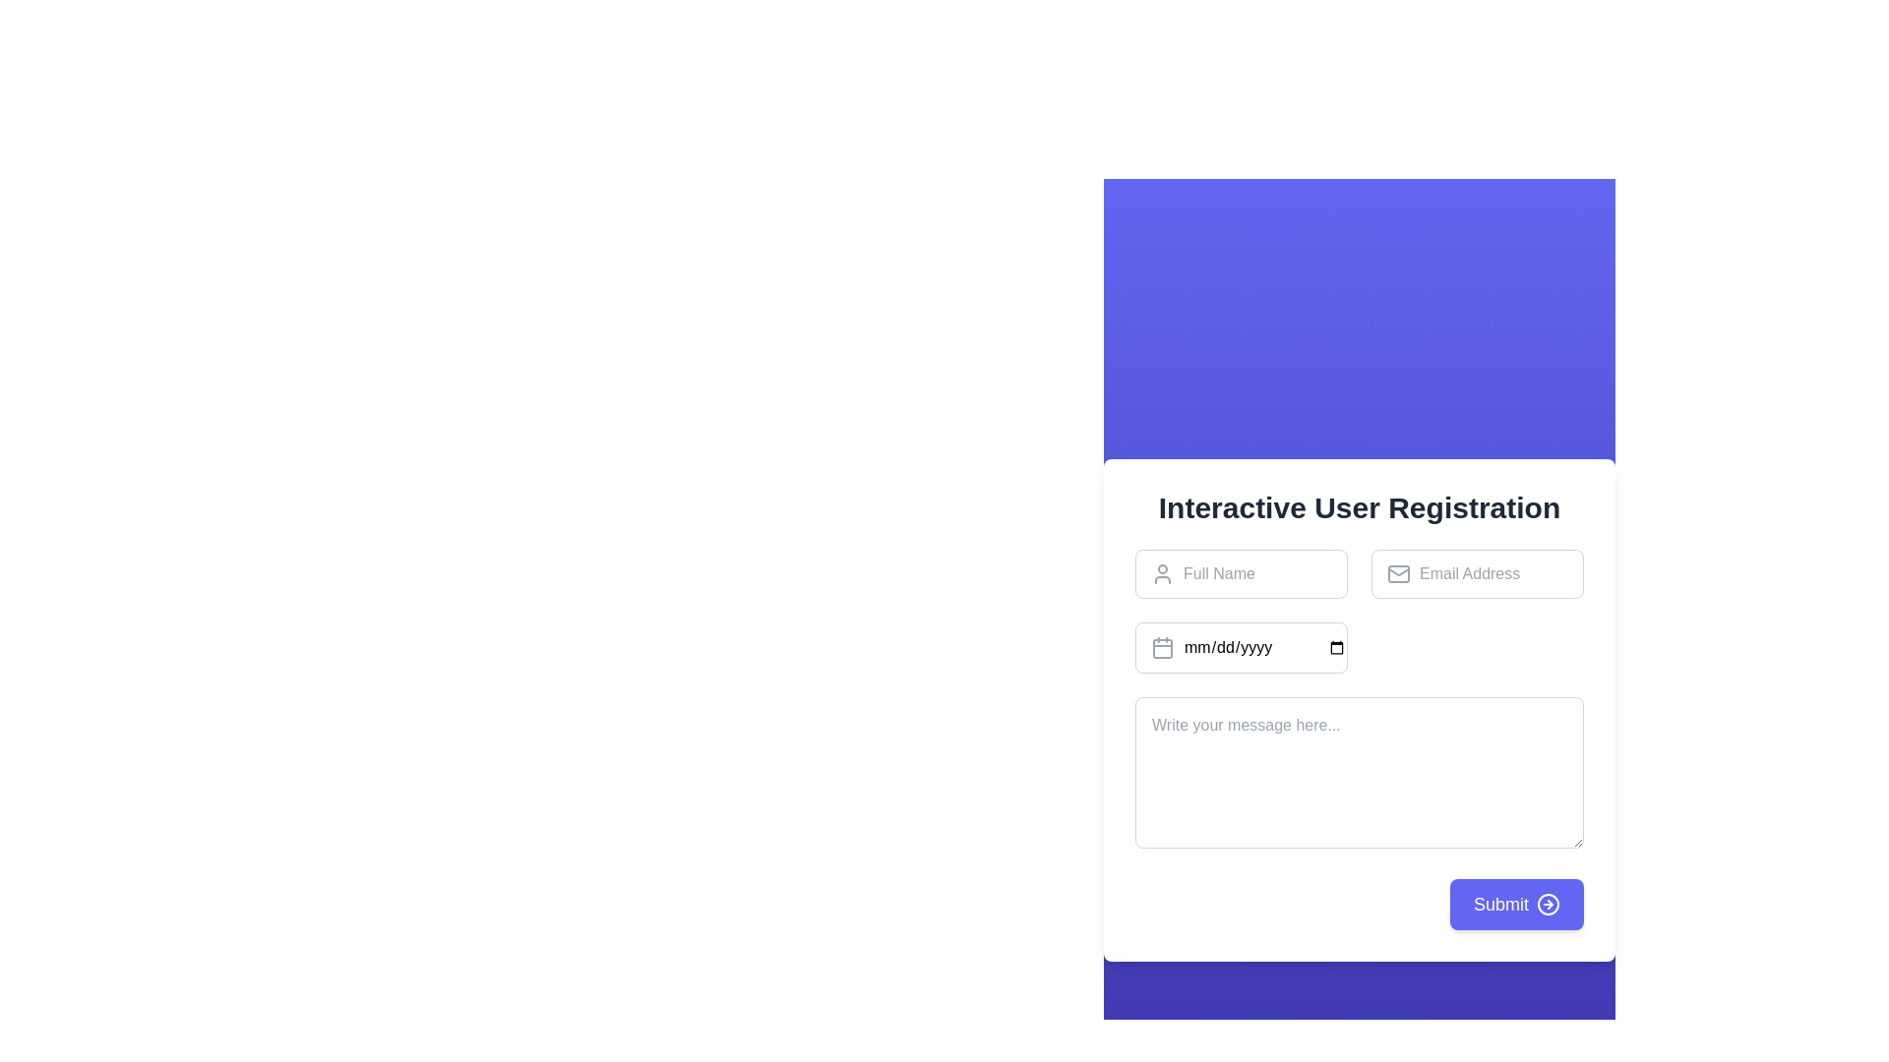  What do you see at coordinates (1241, 647) in the screenshot?
I see `the date` at bounding box center [1241, 647].